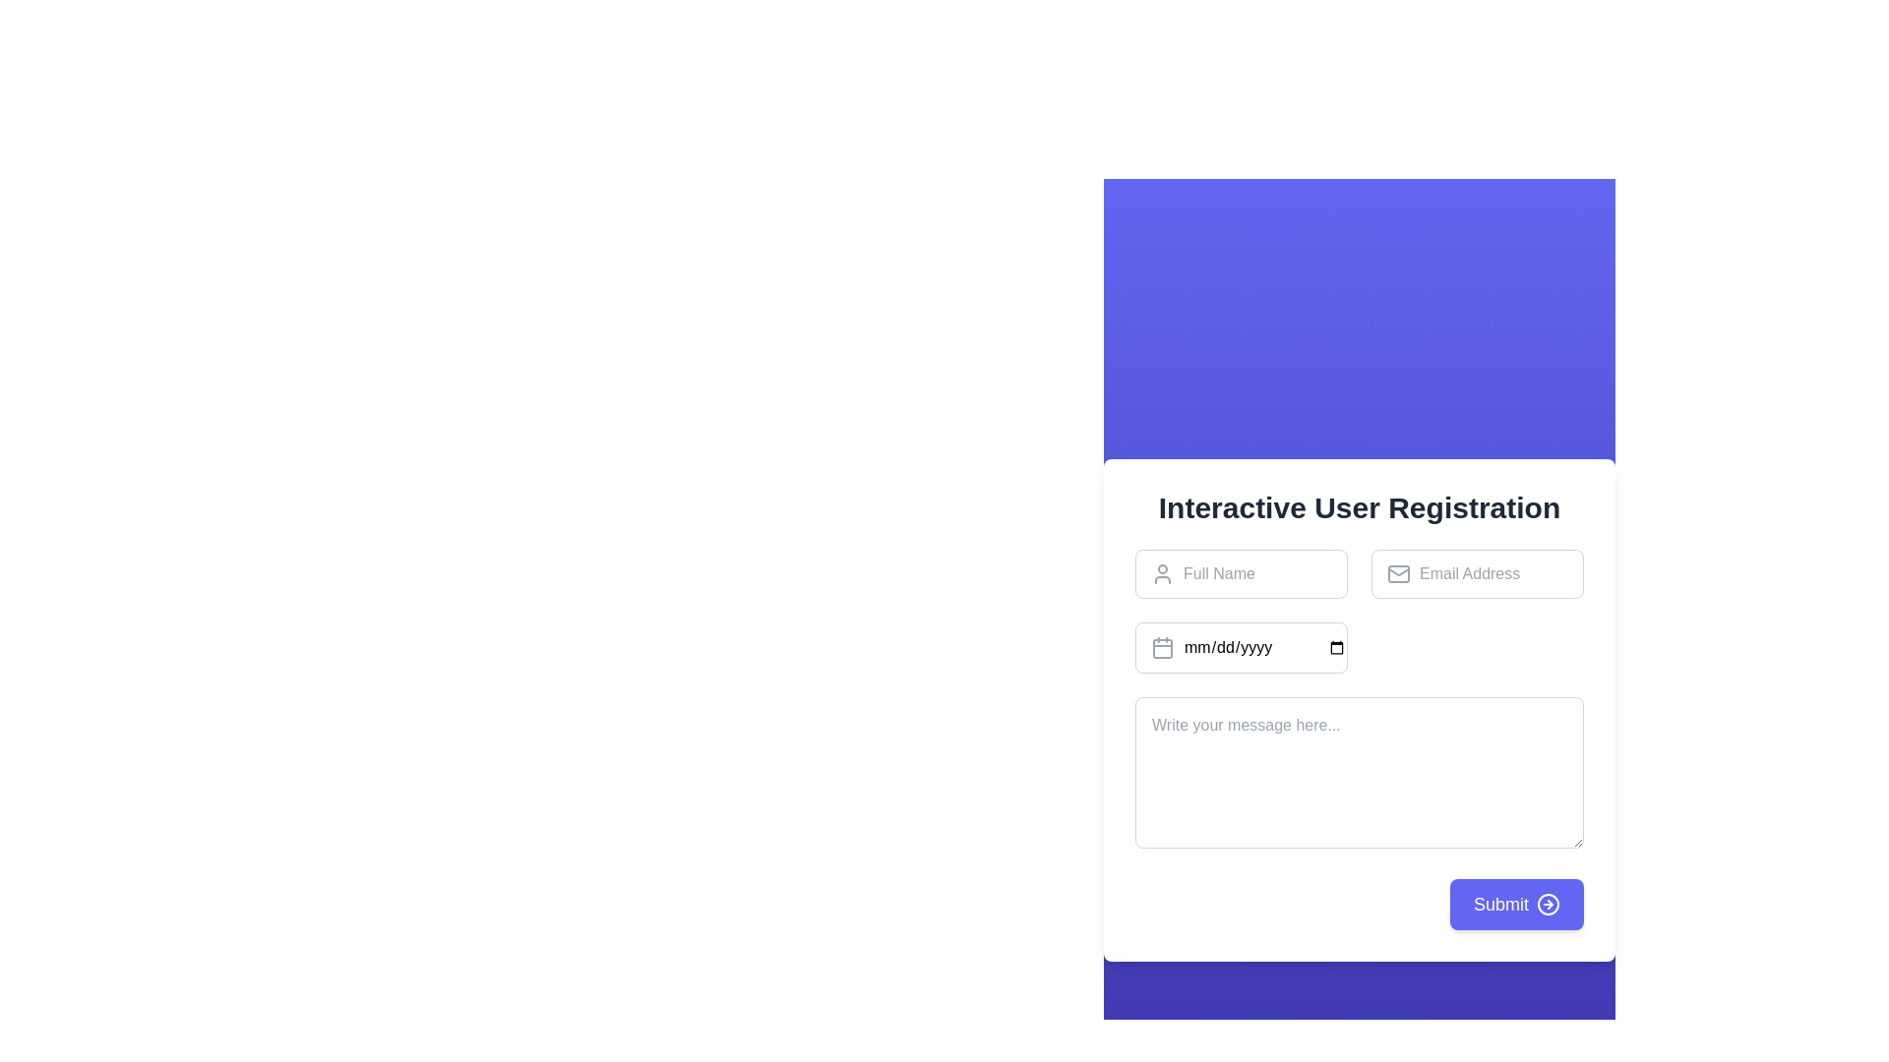  What do you see at coordinates (1241, 647) in the screenshot?
I see `the date` at bounding box center [1241, 647].